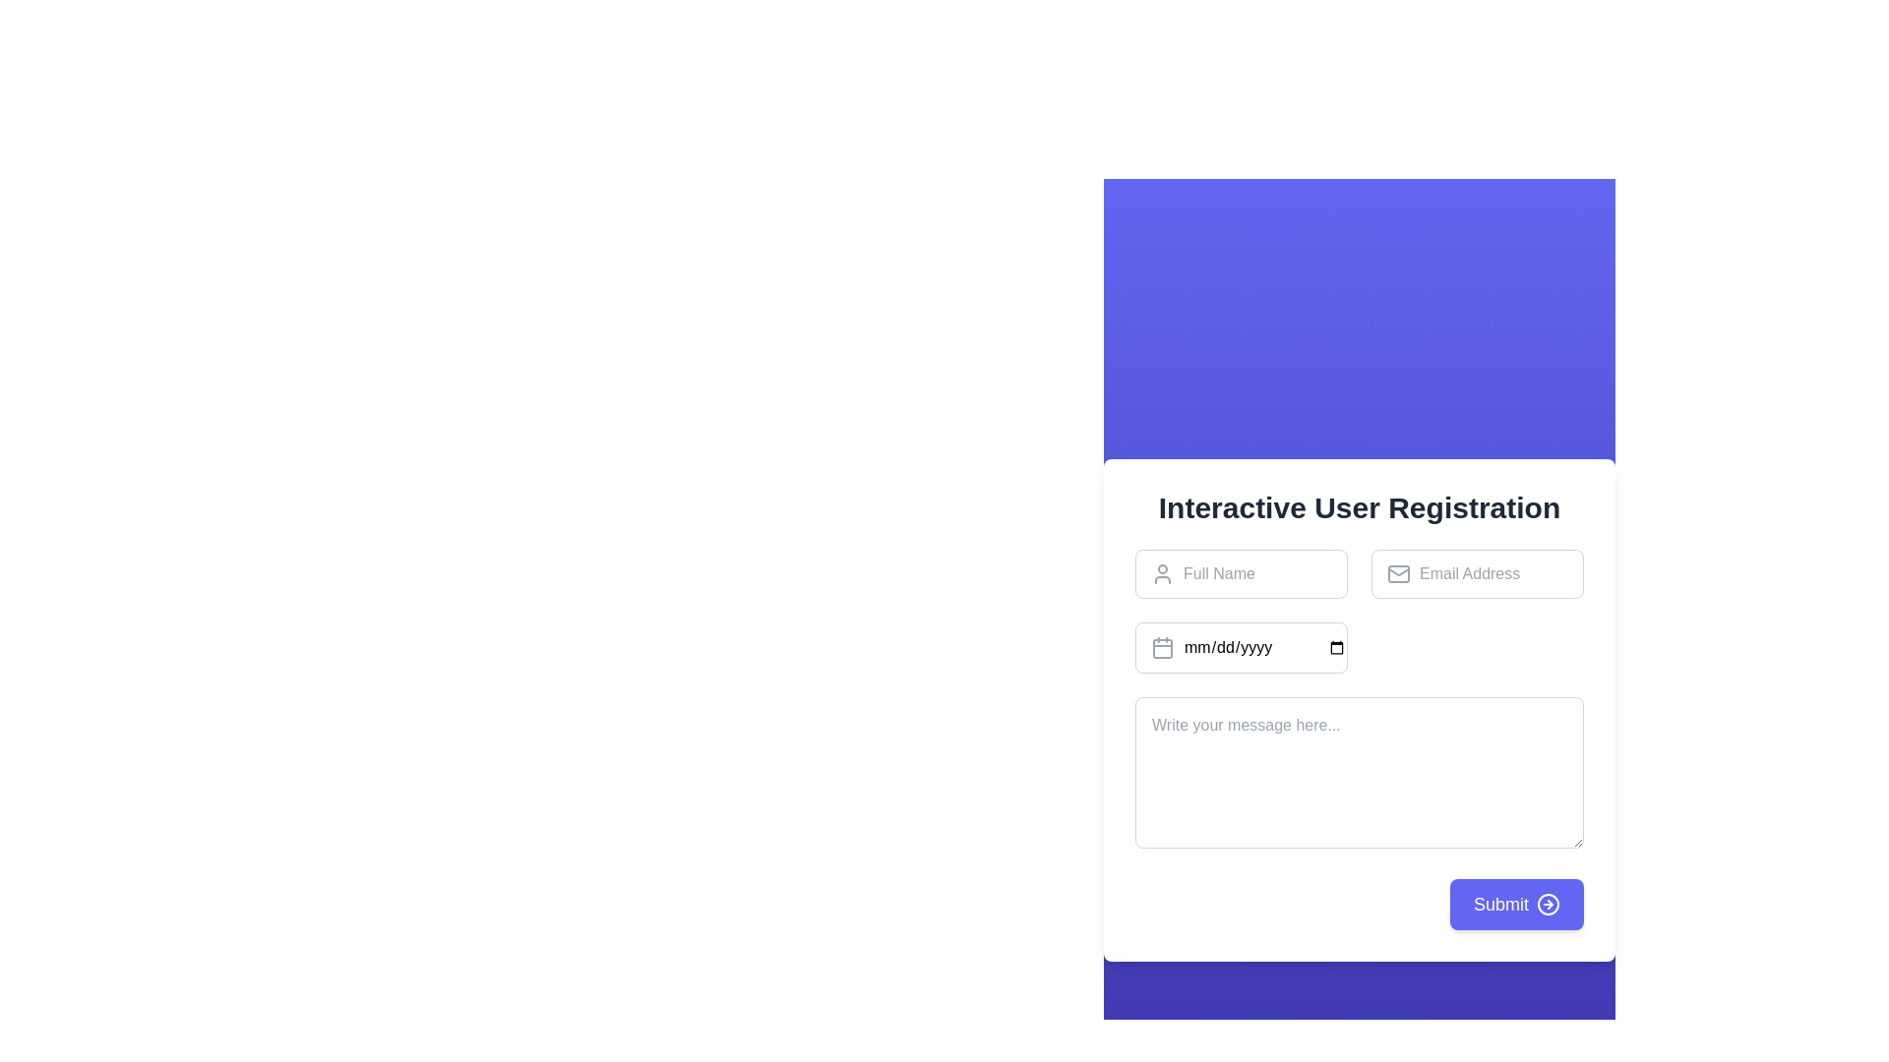  What do you see at coordinates (1241, 647) in the screenshot?
I see `the date` at bounding box center [1241, 647].